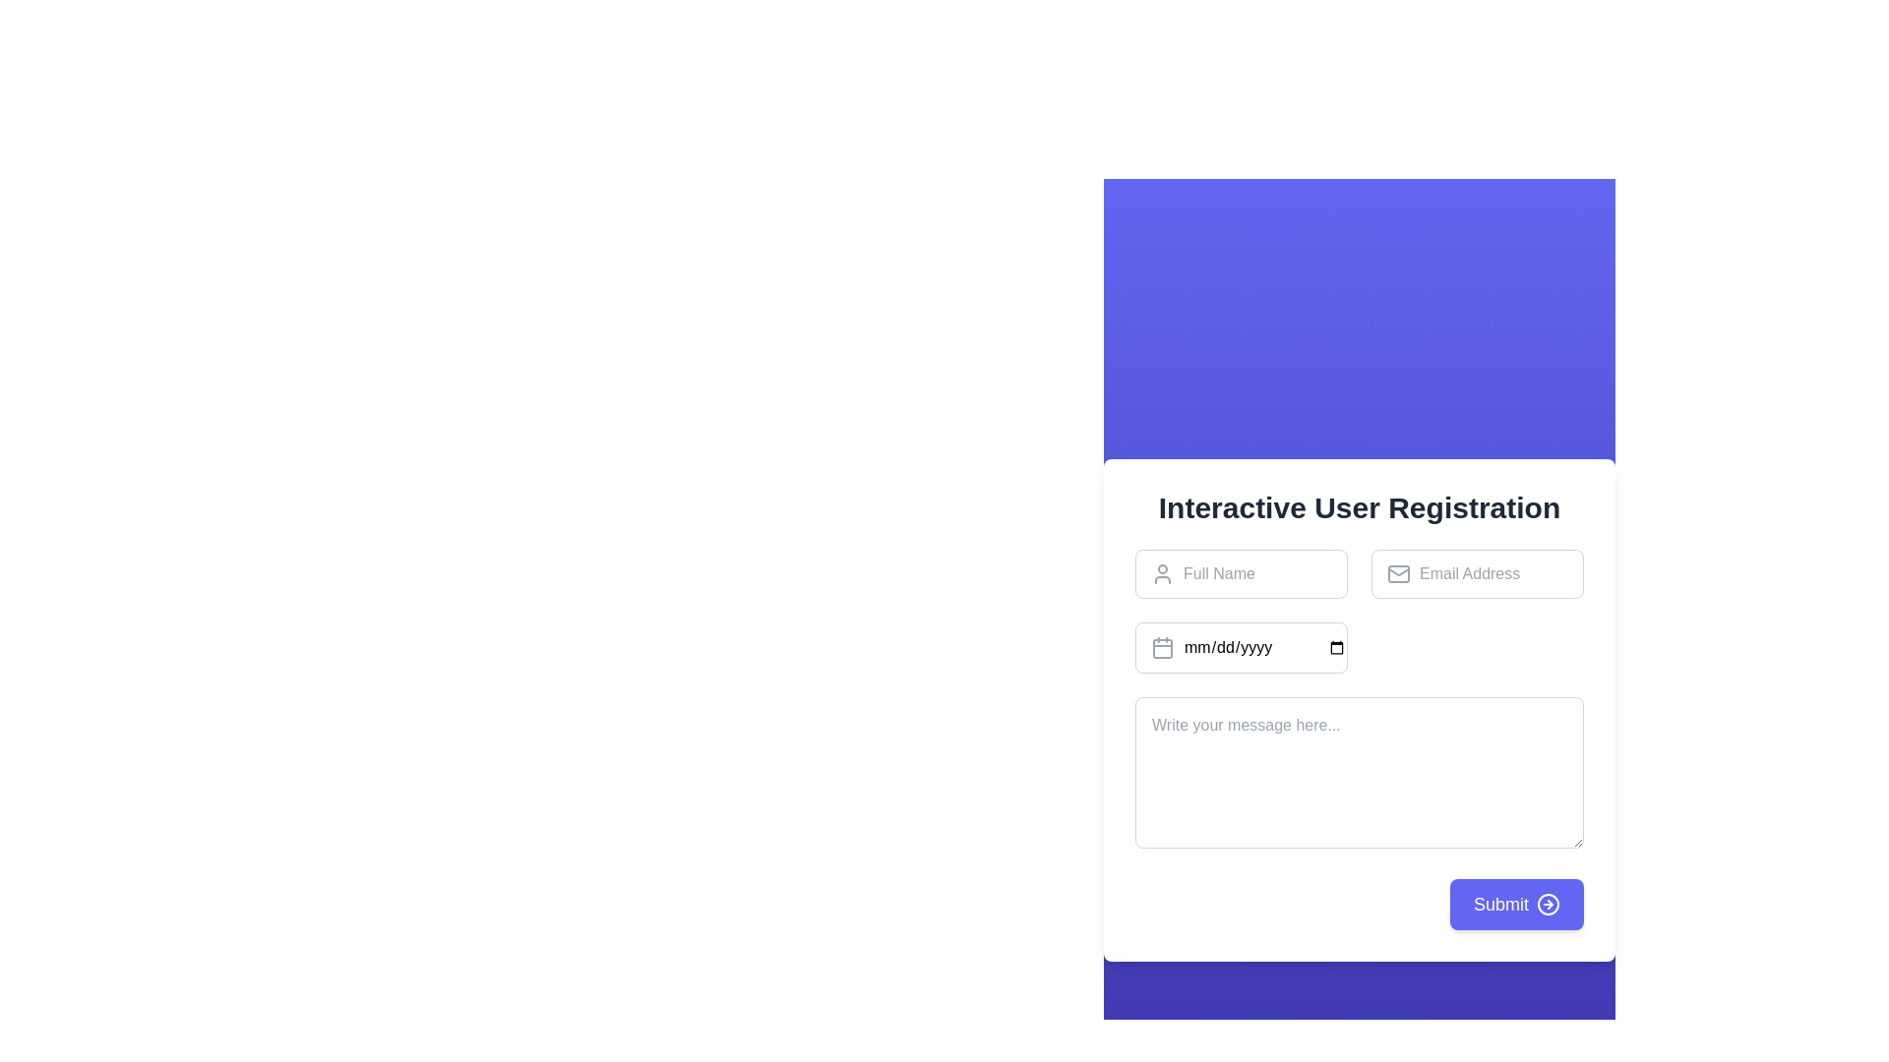  What do you see at coordinates (1241, 647) in the screenshot?
I see `the date` at bounding box center [1241, 647].